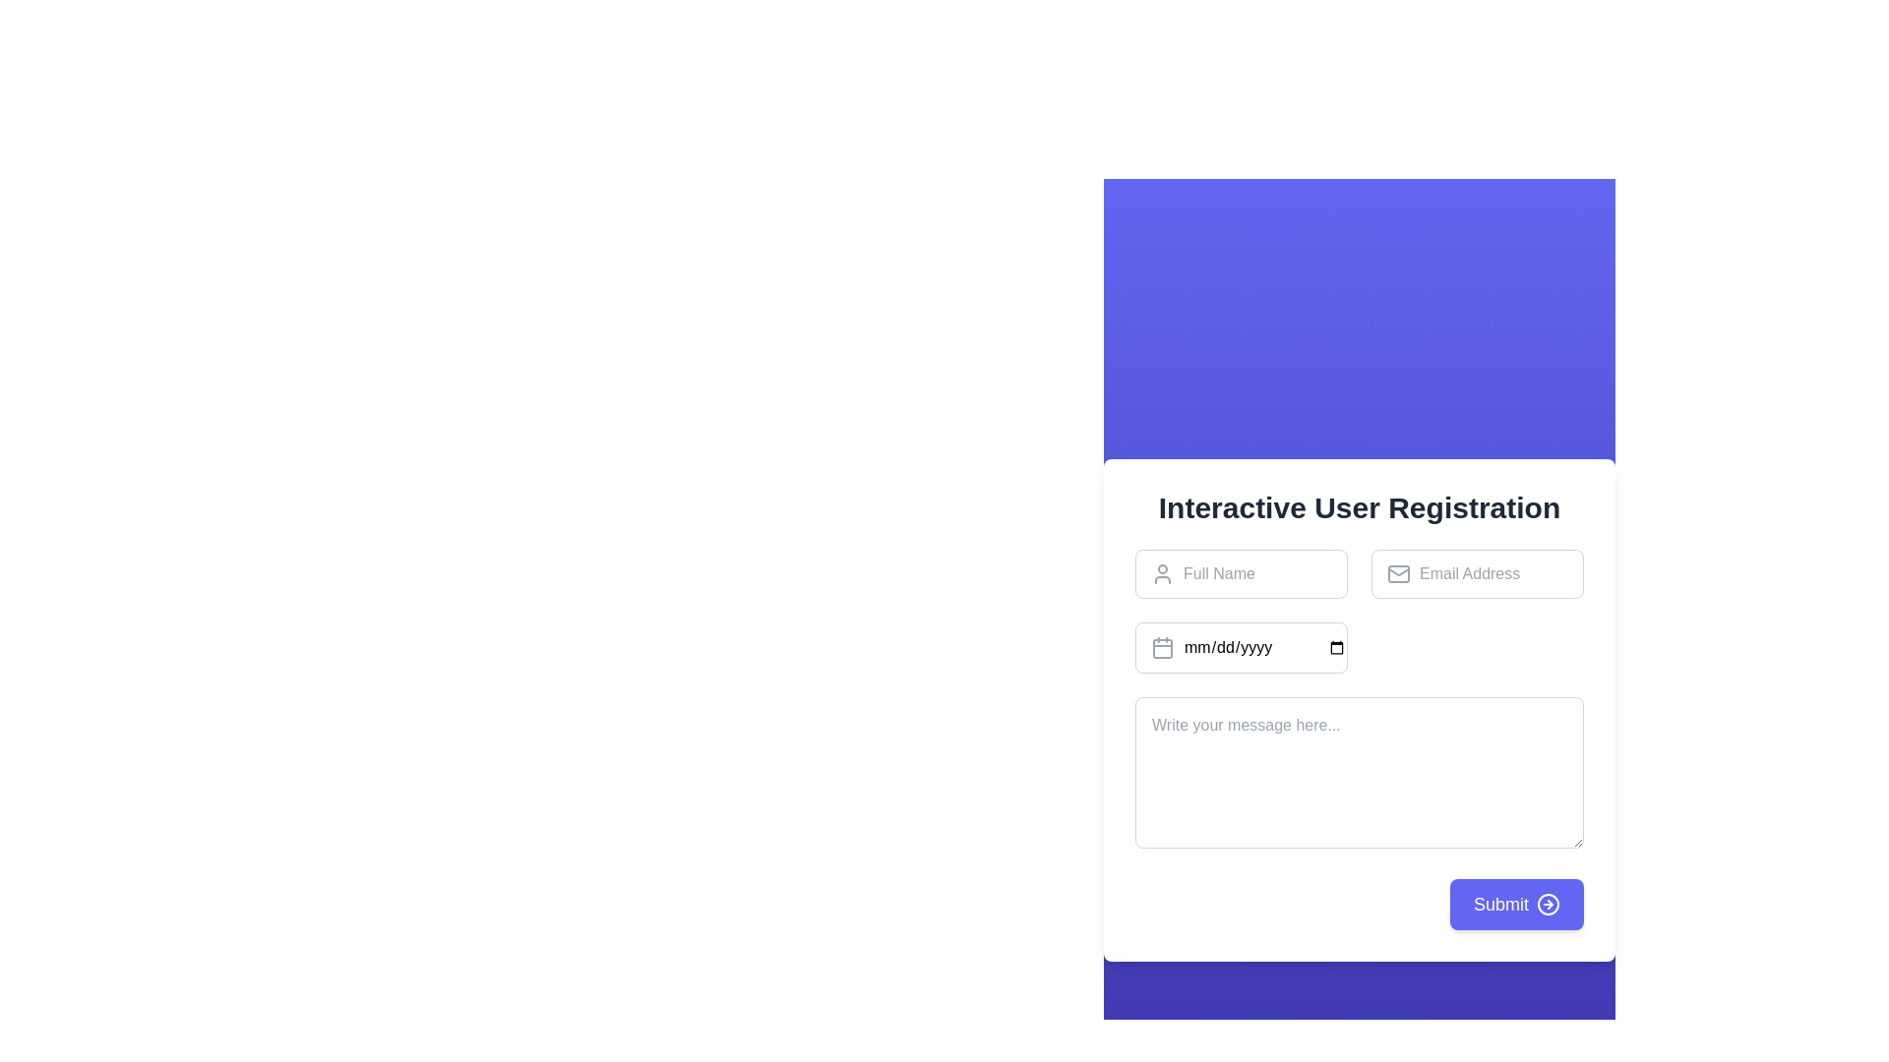  What do you see at coordinates (1241, 647) in the screenshot?
I see `the date` at bounding box center [1241, 647].